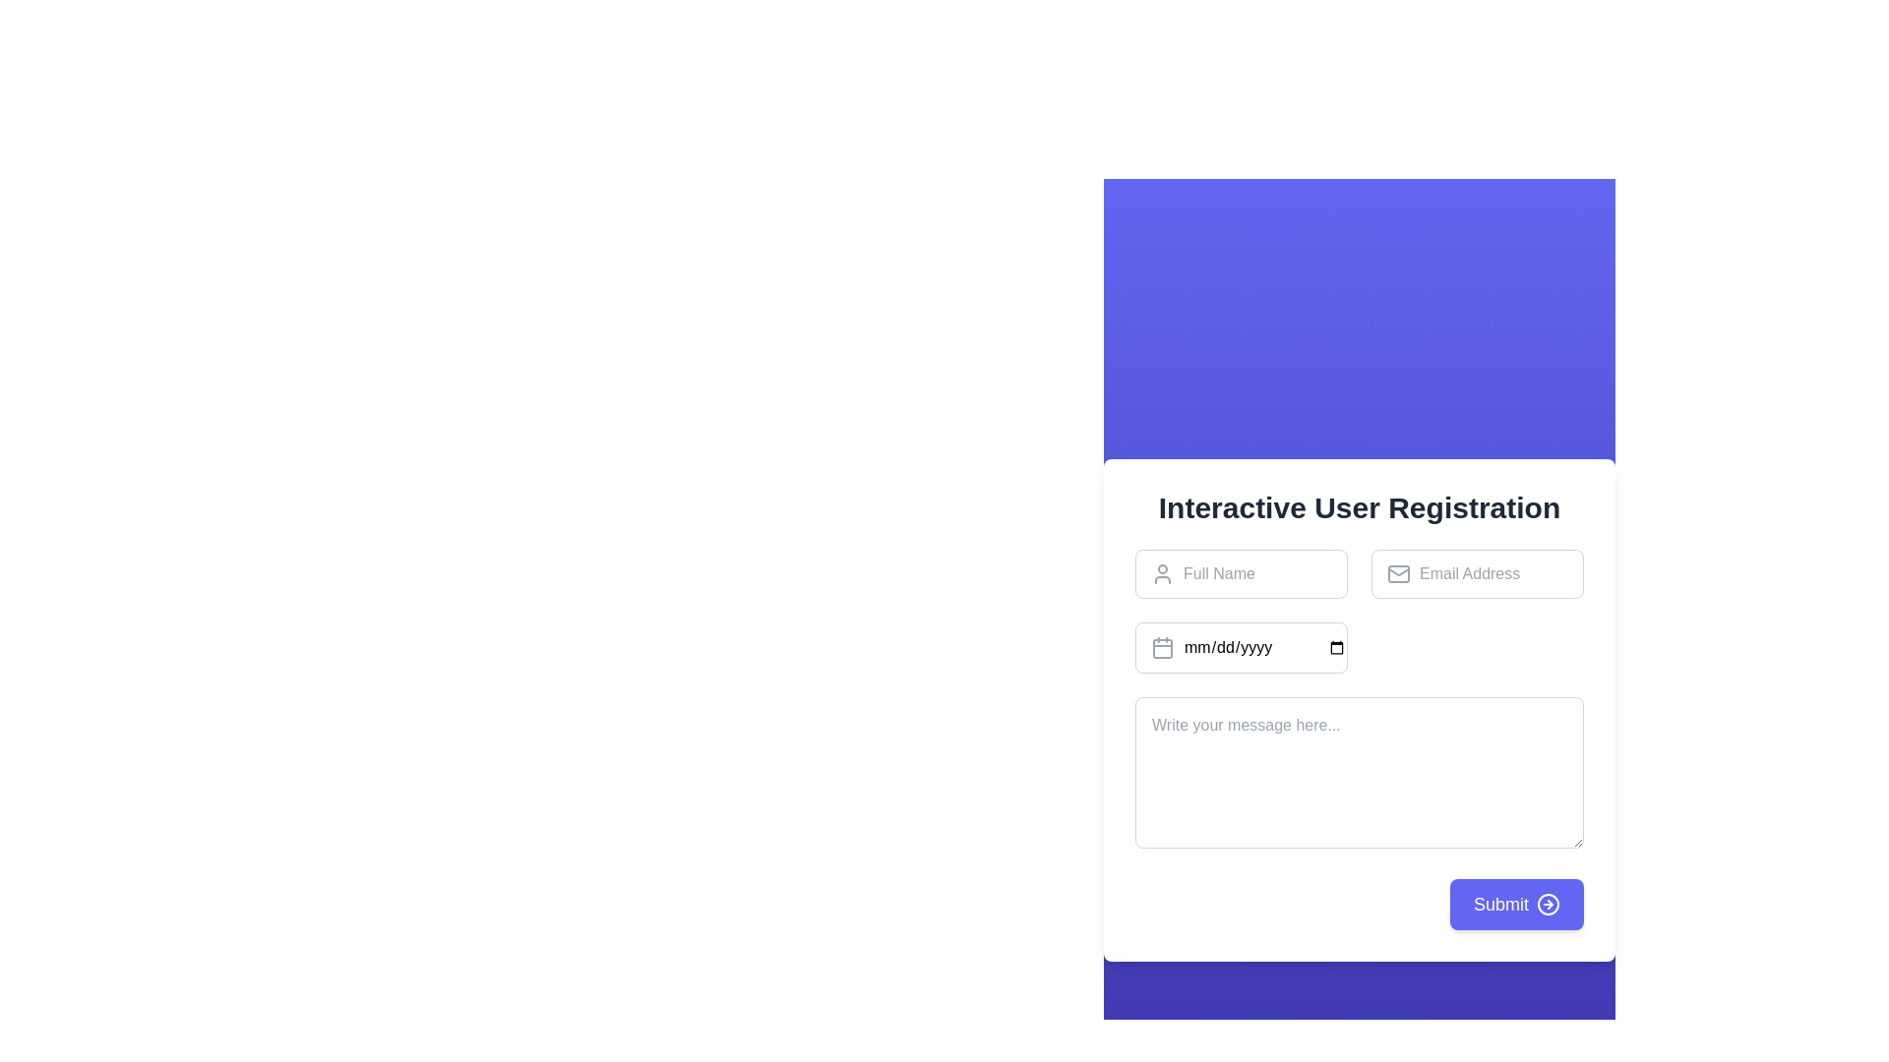  What do you see at coordinates (1241, 647) in the screenshot?
I see `the date` at bounding box center [1241, 647].